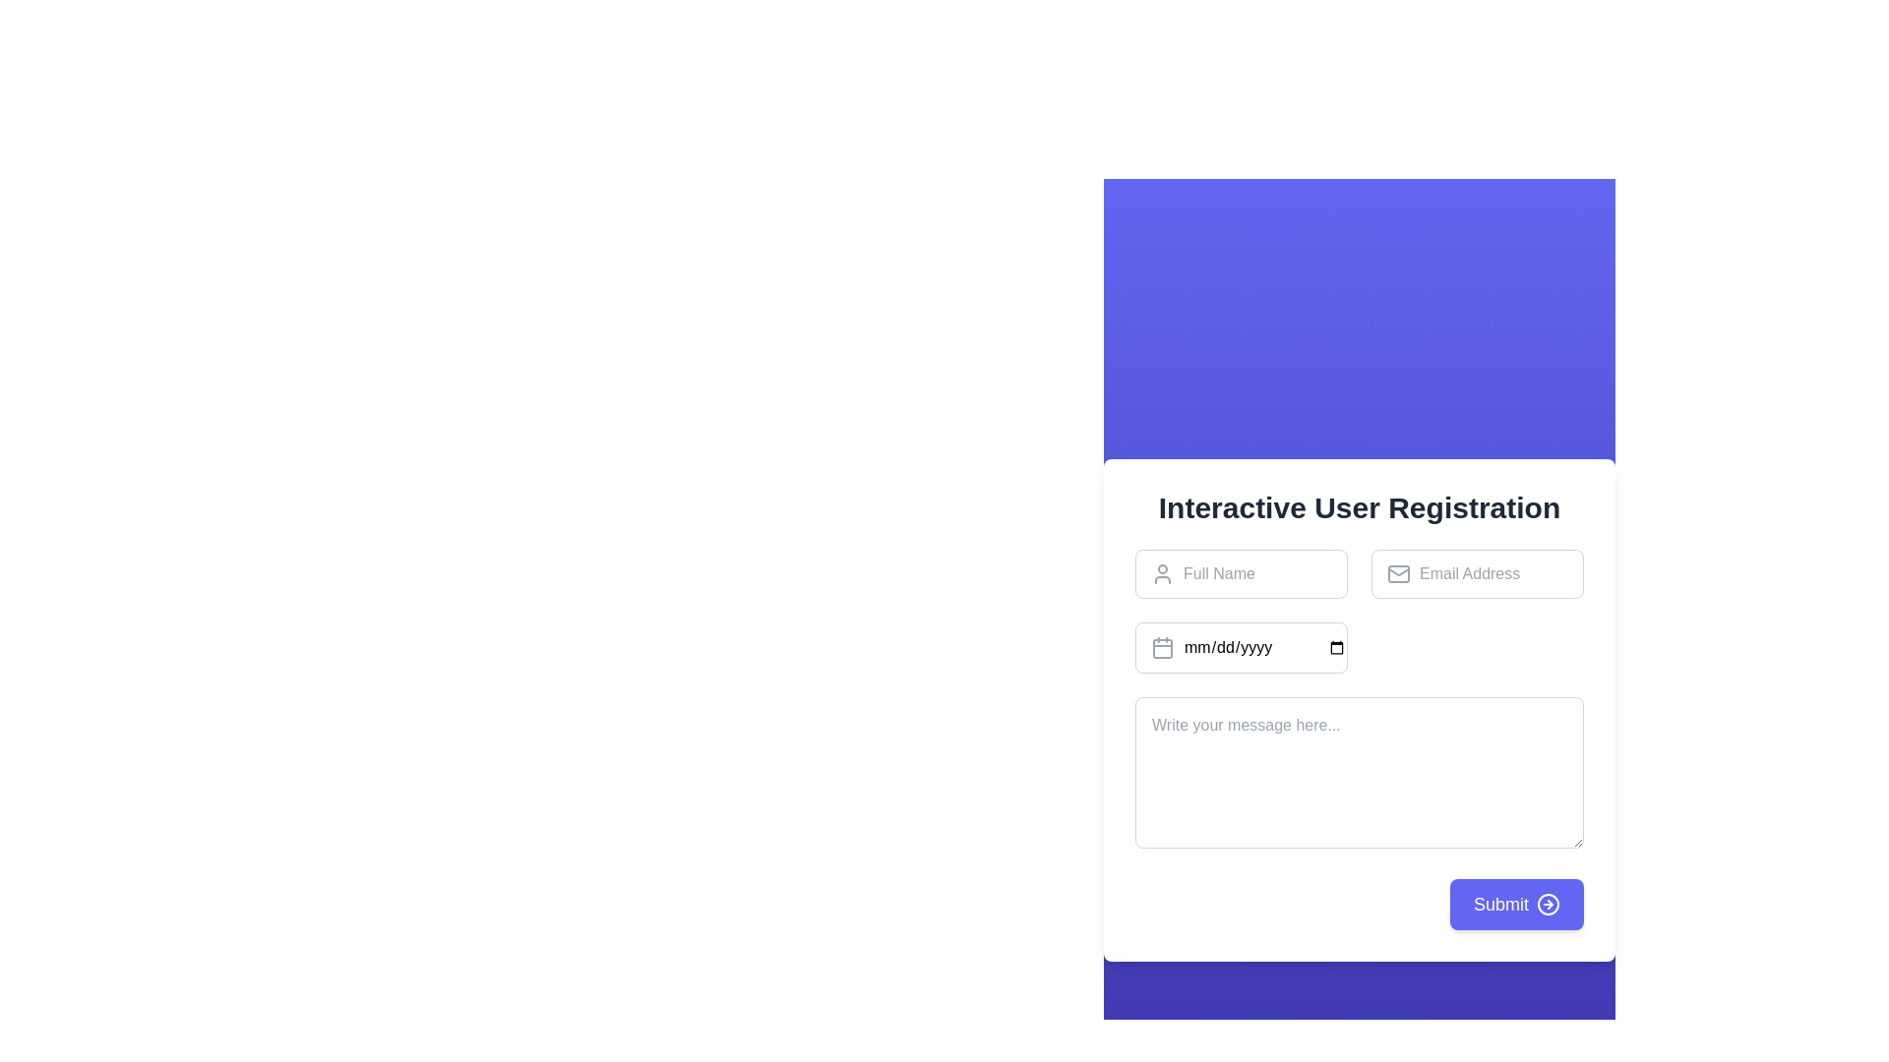  What do you see at coordinates (1241, 647) in the screenshot?
I see `the date` at bounding box center [1241, 647].